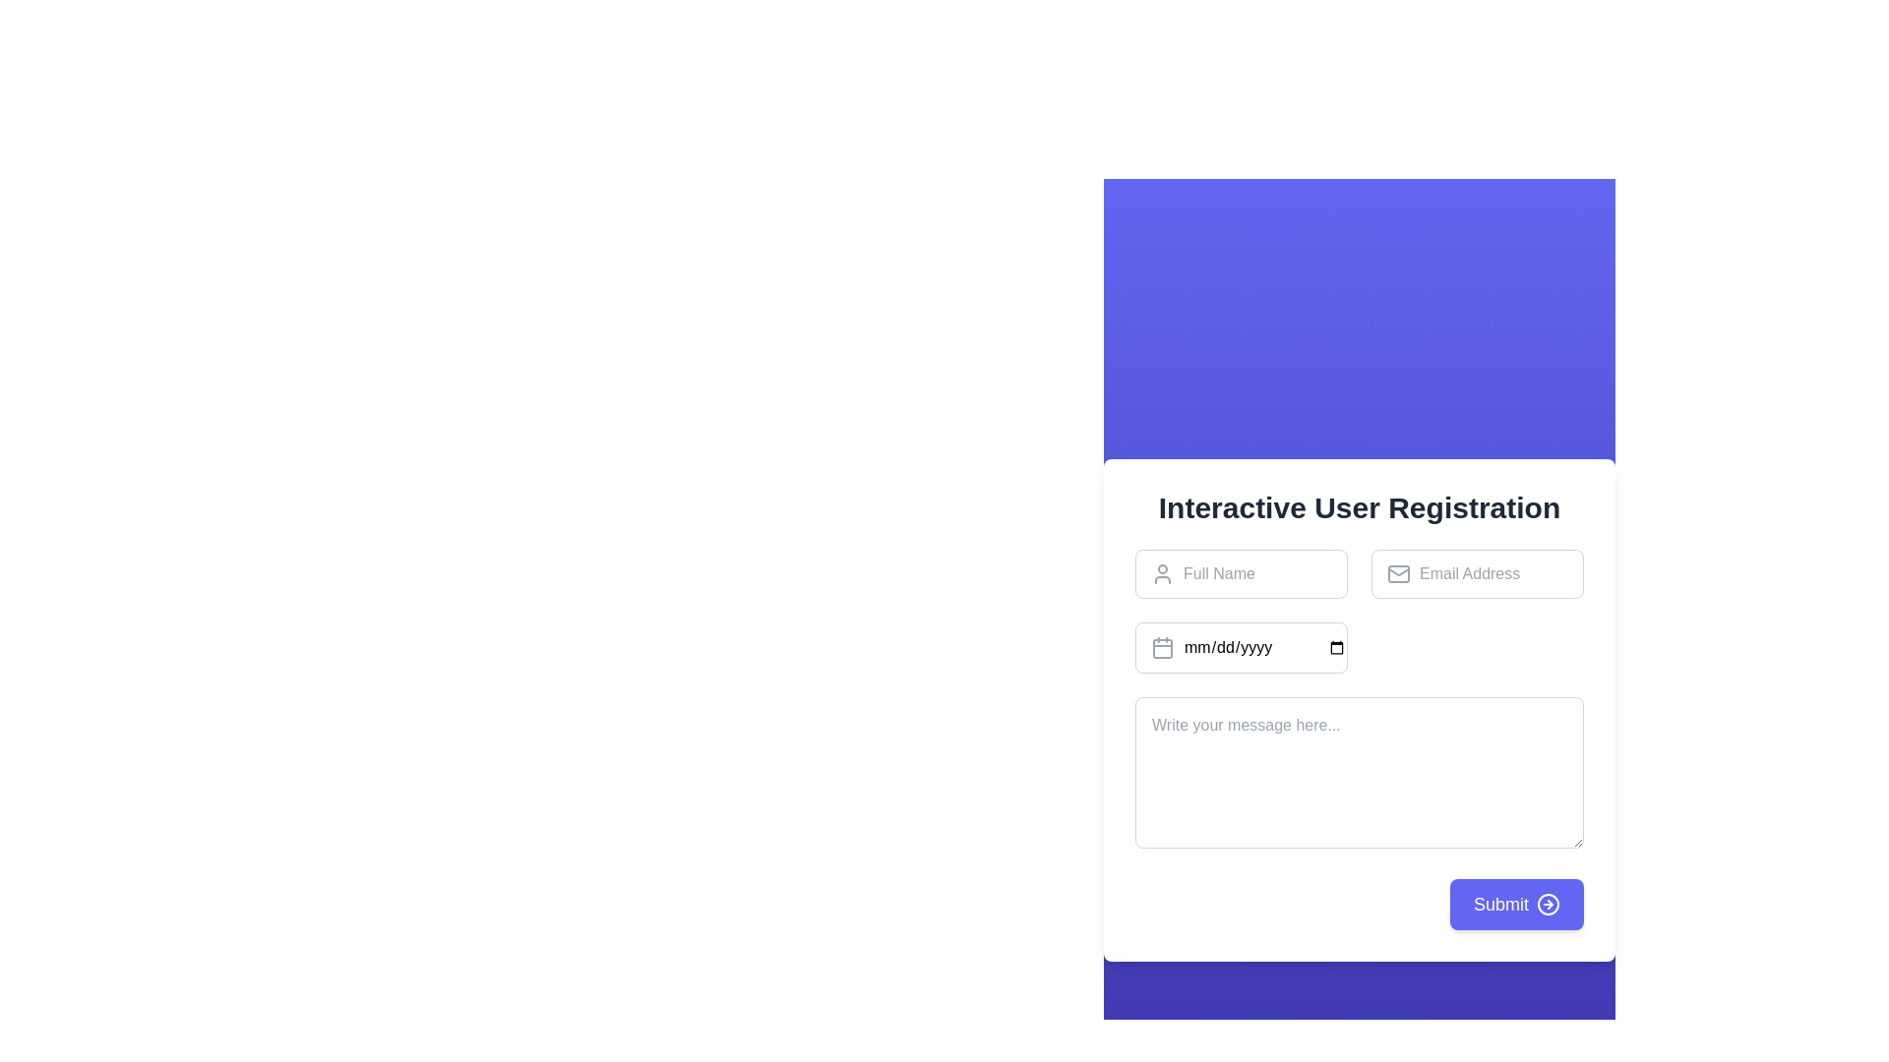  What do you see at coordinates (1241, 647) in the screenshot?
I see `the date` at bounding box center [1241, 647].